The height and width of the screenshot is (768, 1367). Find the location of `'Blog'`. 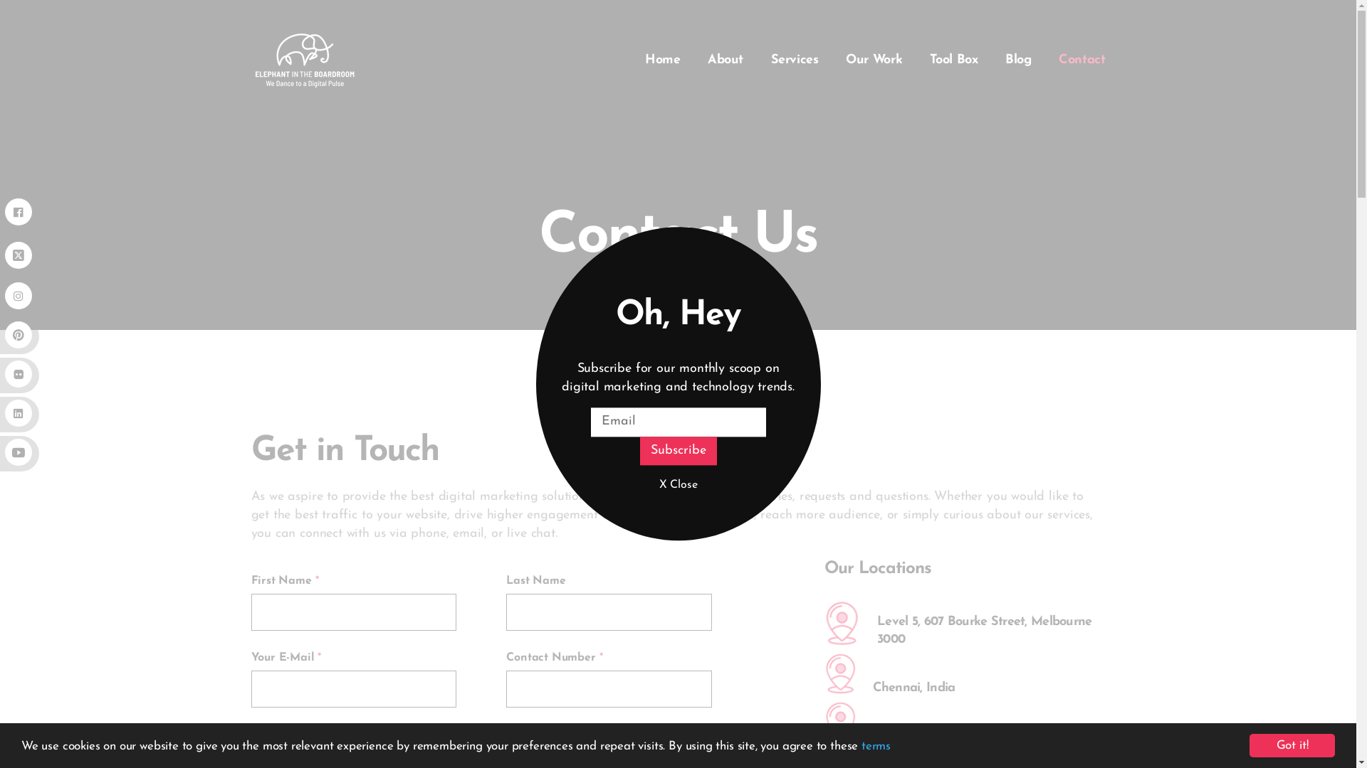

'Blog' is located at coordinates (1017, 59).